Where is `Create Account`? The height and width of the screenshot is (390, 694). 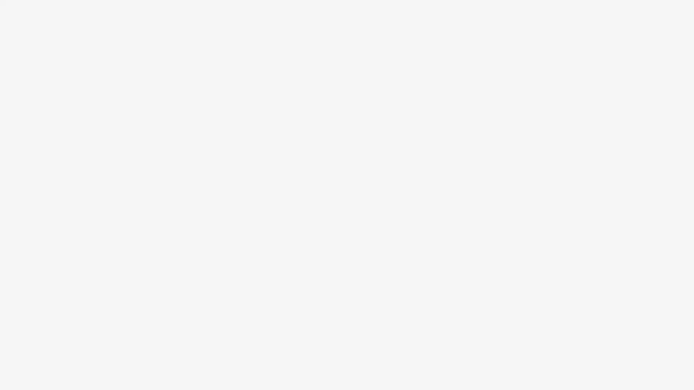 Create Account is located at coordinates (299, 249).